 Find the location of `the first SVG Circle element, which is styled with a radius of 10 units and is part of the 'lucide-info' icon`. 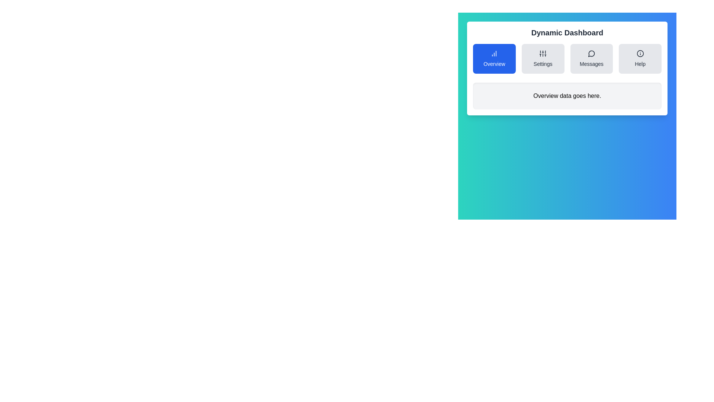

the first SVG Circle element, which is styled with a radius of 10 units and is part of the 'lucide-info' icon is located at coordinates (640, 53).